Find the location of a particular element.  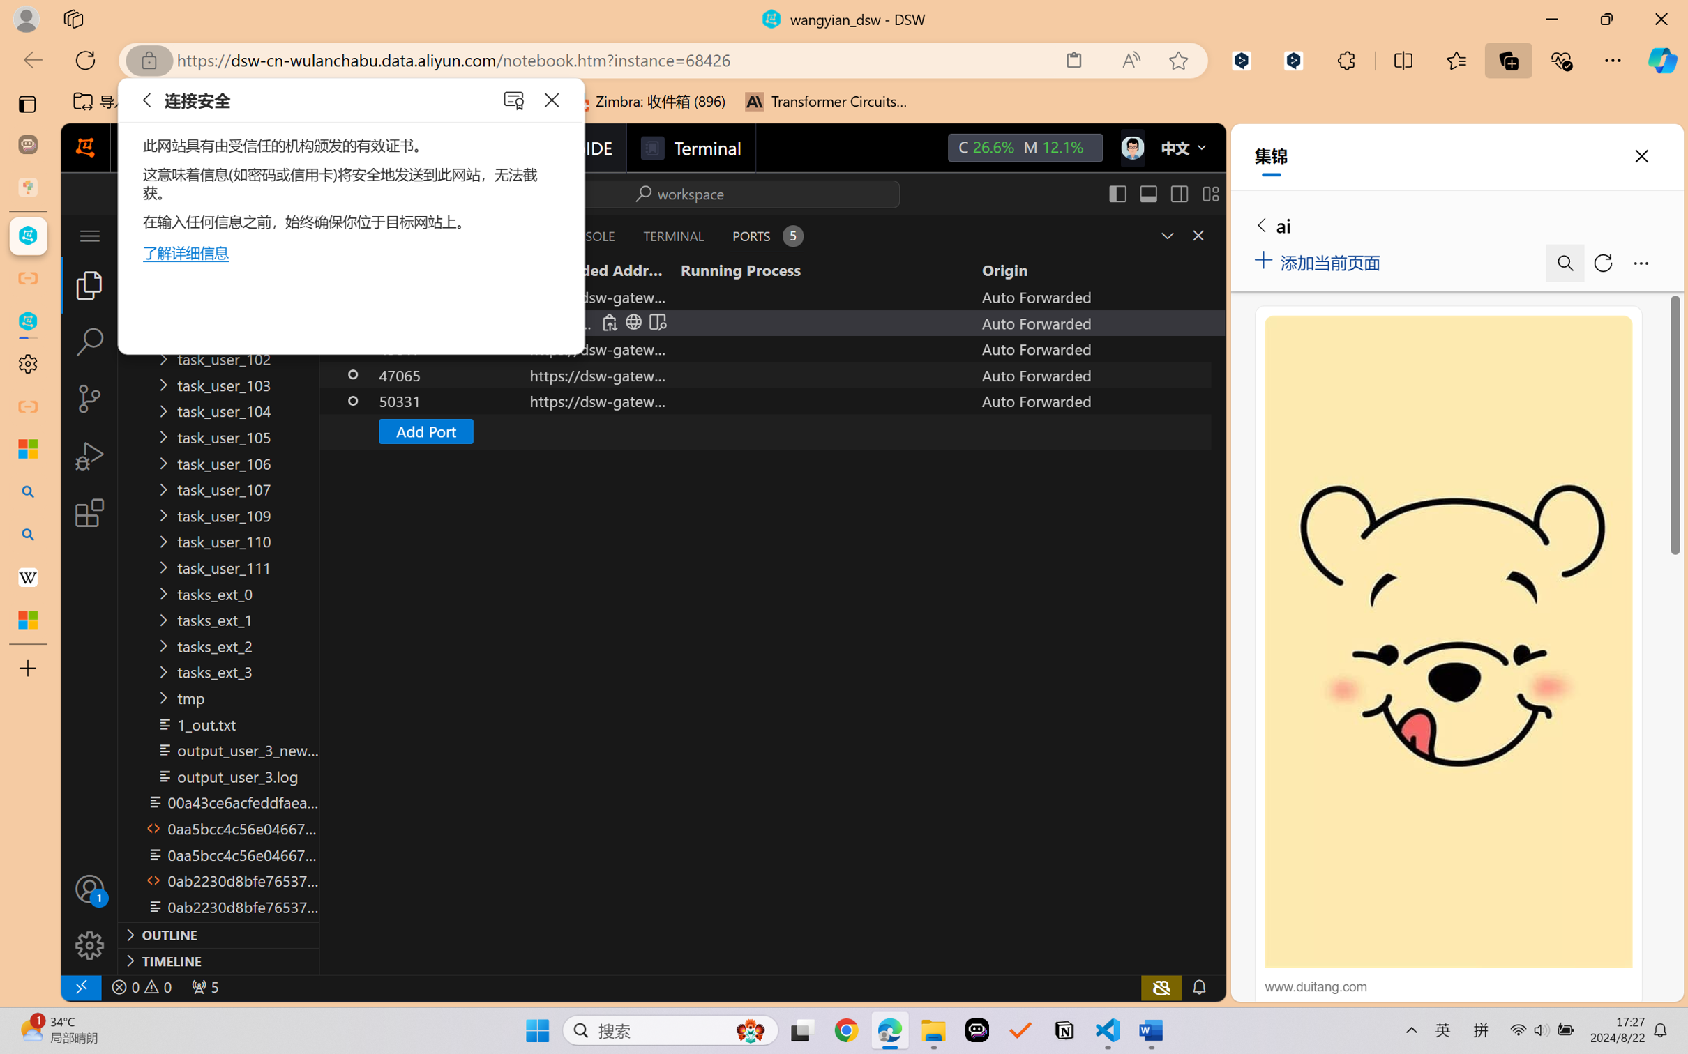

'No Problems' is located at coordinates (140, 986).